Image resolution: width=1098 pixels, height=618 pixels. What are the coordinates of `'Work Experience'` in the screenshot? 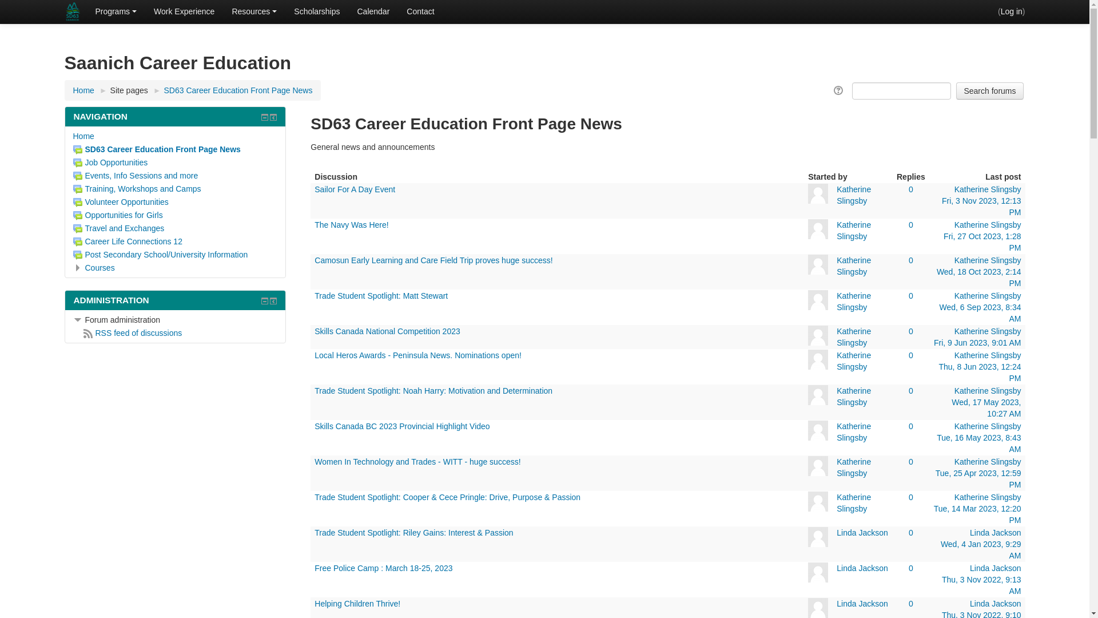 It's located at (184, 11).